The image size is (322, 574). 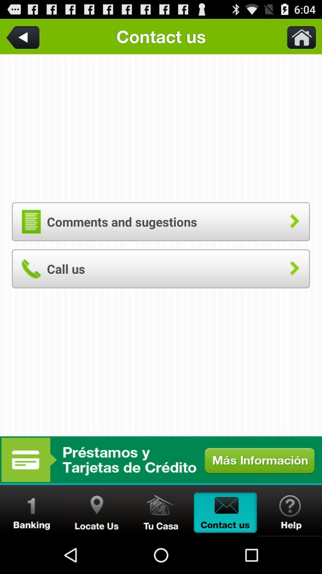 What do you see at coordinates (290, 510) in the screenshot?
I see `get help on the website` at bounding box center [290, 510].